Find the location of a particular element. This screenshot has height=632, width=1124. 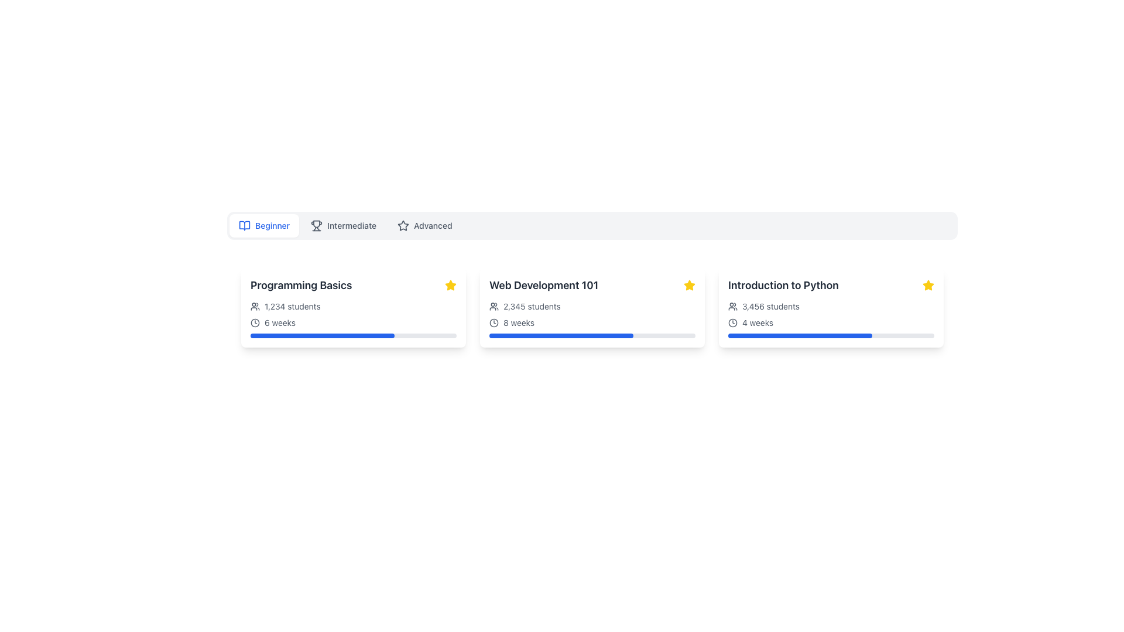

the small blue outlined icon representing an open book, which is located to the left of the text 'Beginner' in the tab-style navigation bar is located at coordinates (244, 225).